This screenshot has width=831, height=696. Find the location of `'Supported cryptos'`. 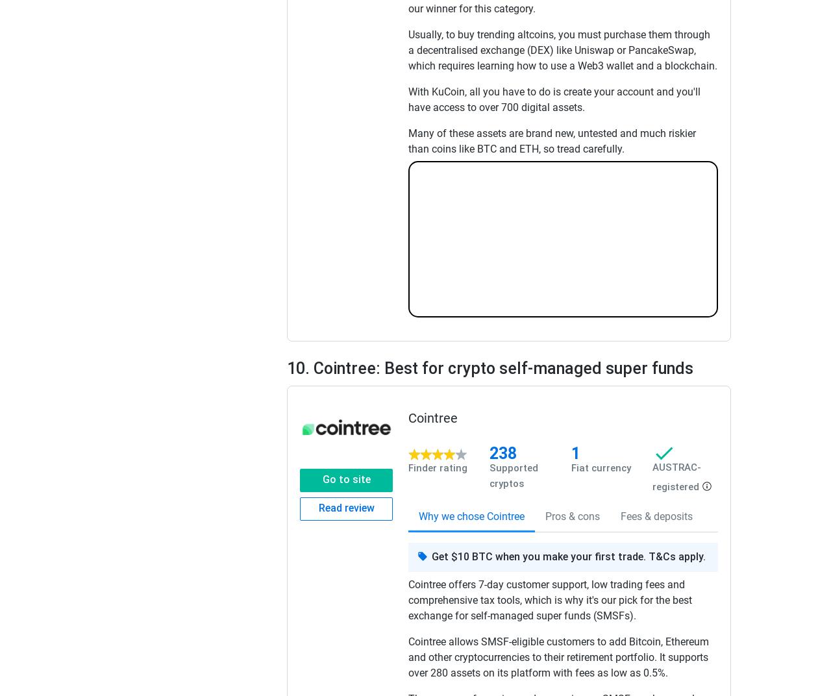

'Supported cryptos' is located at coordinates (513, 475).